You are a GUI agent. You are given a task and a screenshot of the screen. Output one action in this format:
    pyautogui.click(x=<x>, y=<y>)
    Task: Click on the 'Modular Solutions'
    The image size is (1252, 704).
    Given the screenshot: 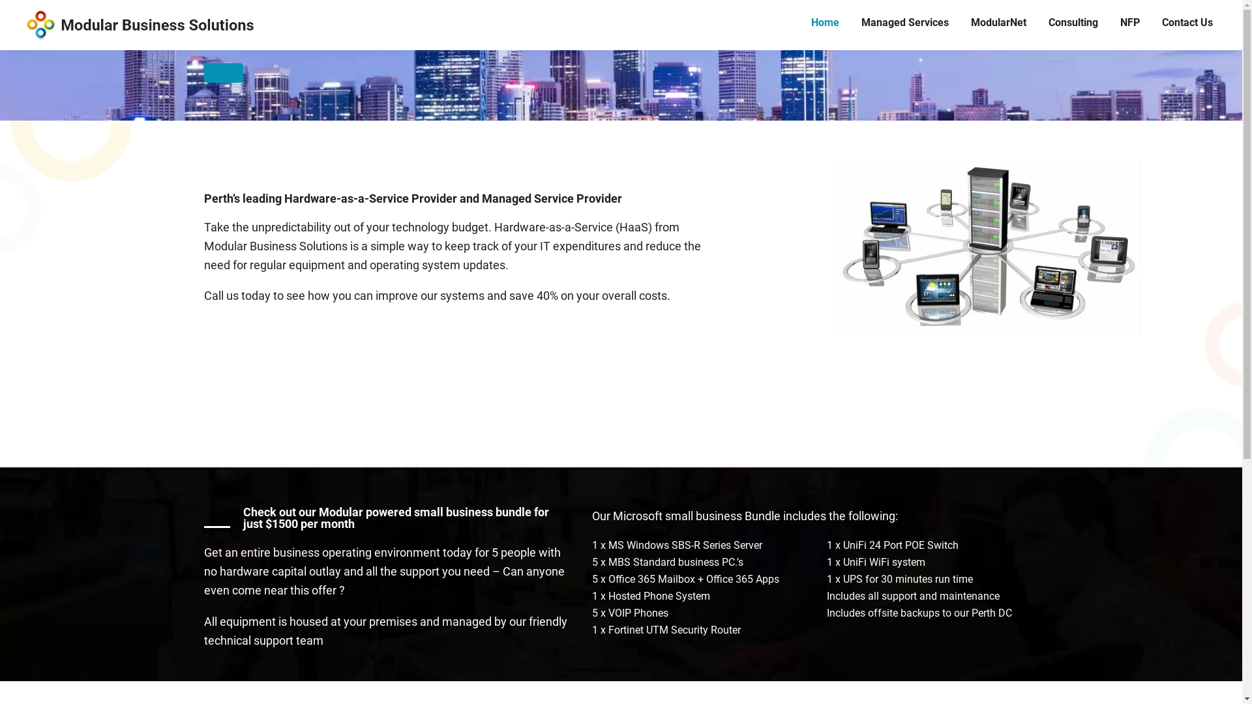 What is the action you would take?
    pyautogui.click(x=138, y=25)
    